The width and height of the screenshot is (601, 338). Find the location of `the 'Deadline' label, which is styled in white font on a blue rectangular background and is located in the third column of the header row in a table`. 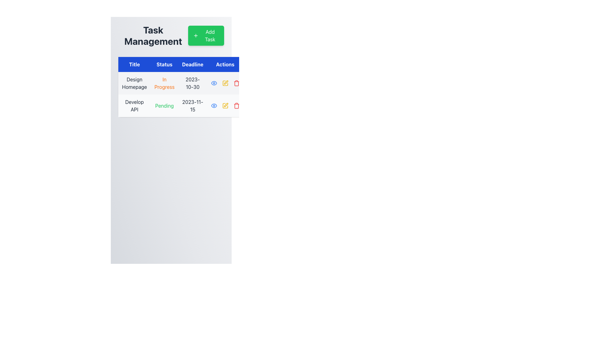

the 'Deadline' label, which is styled in white font on a blue rectangular background and is located in the third column of the header row in a table is located at coordinates (192, 64).